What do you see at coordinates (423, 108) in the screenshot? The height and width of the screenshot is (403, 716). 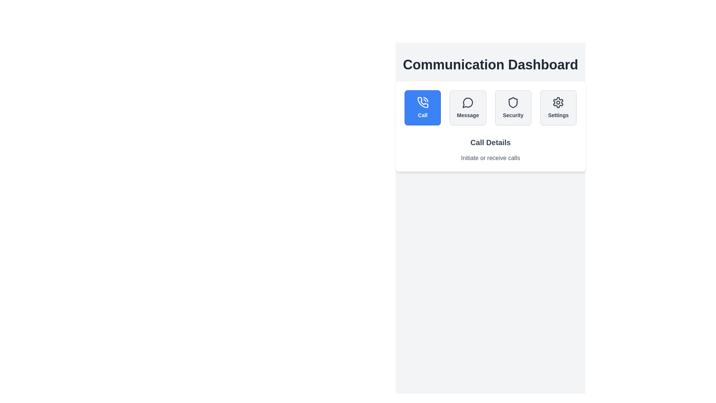 I see `the phone call button located under the 'Communication Dashboard' heading and above the 'Call Details' section for keyboard interaction` at bounding box center [423, 108].